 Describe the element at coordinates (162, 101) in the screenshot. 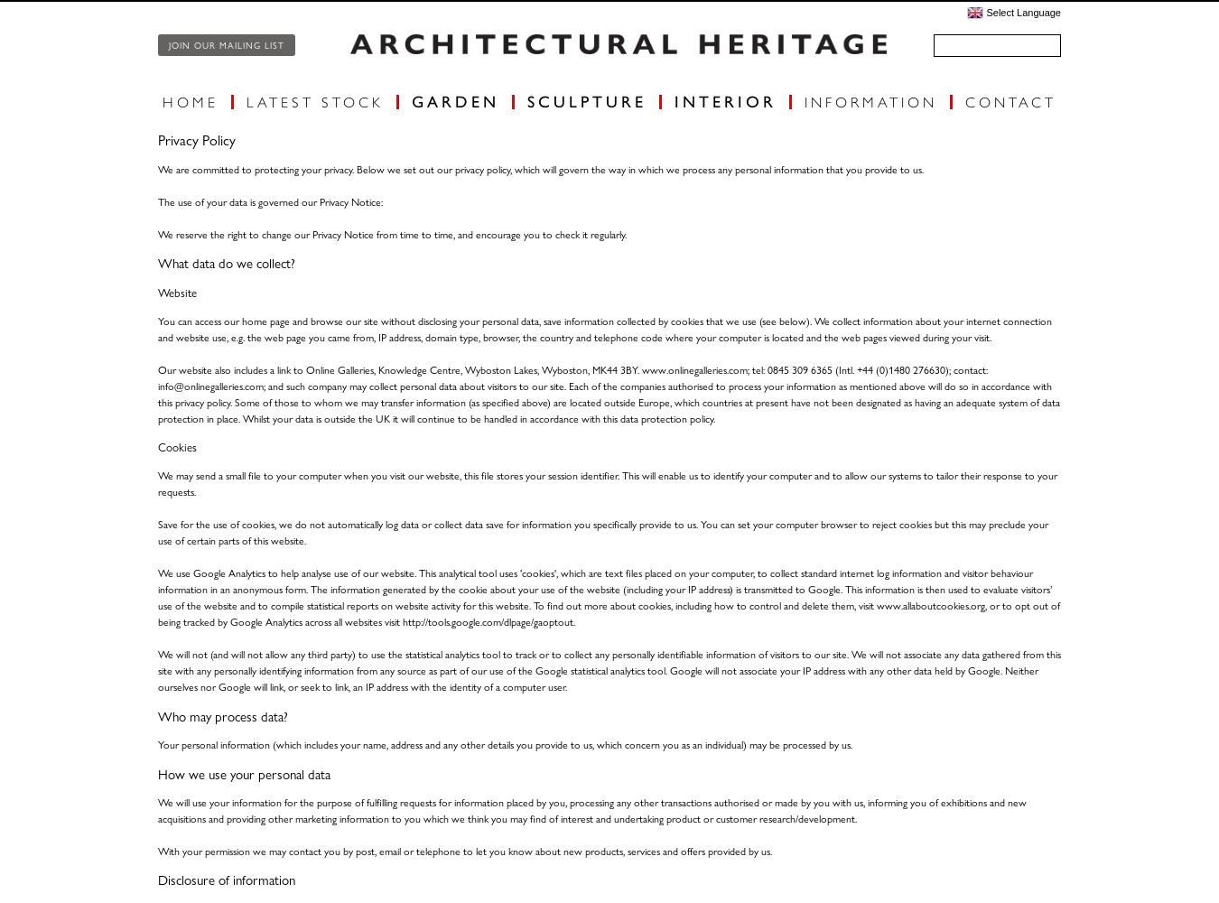

I see `'Home'` at that location.